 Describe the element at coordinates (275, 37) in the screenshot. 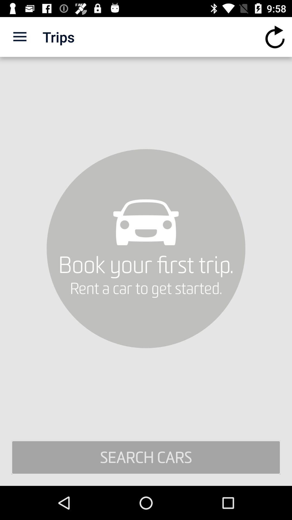

I see `icon at the top right corner` at that location.